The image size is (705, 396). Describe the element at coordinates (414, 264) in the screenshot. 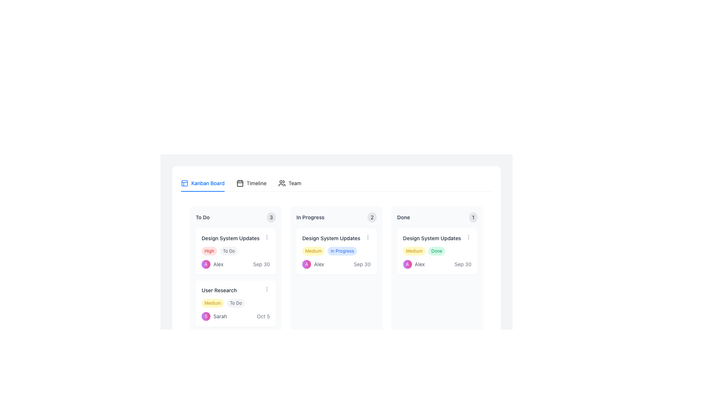

I see `the User identifier for user 'Alex' in the 'Done' column of the Kanban board, specifically in the card named 'Design System Updates', located next to the text 'Sep 30'` at that location.